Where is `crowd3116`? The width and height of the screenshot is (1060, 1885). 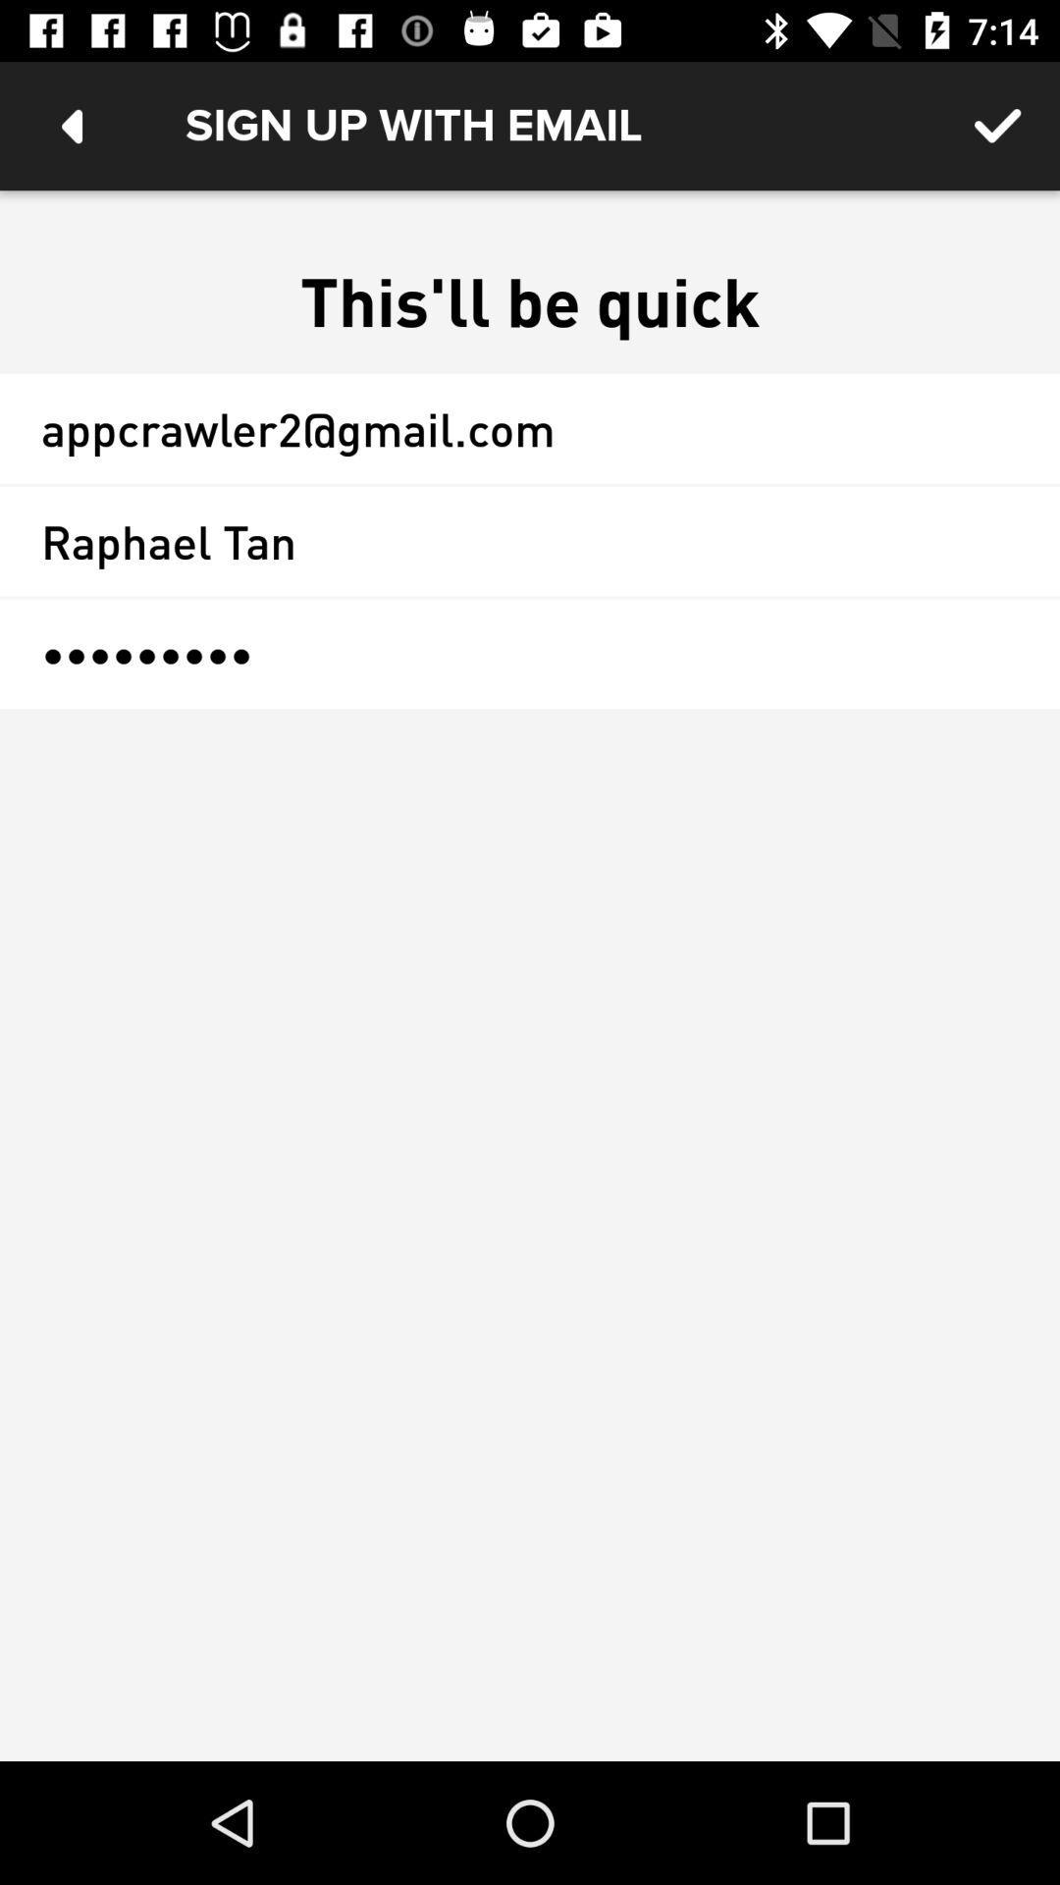
crowd3116 is located at coordinates (530, 654).